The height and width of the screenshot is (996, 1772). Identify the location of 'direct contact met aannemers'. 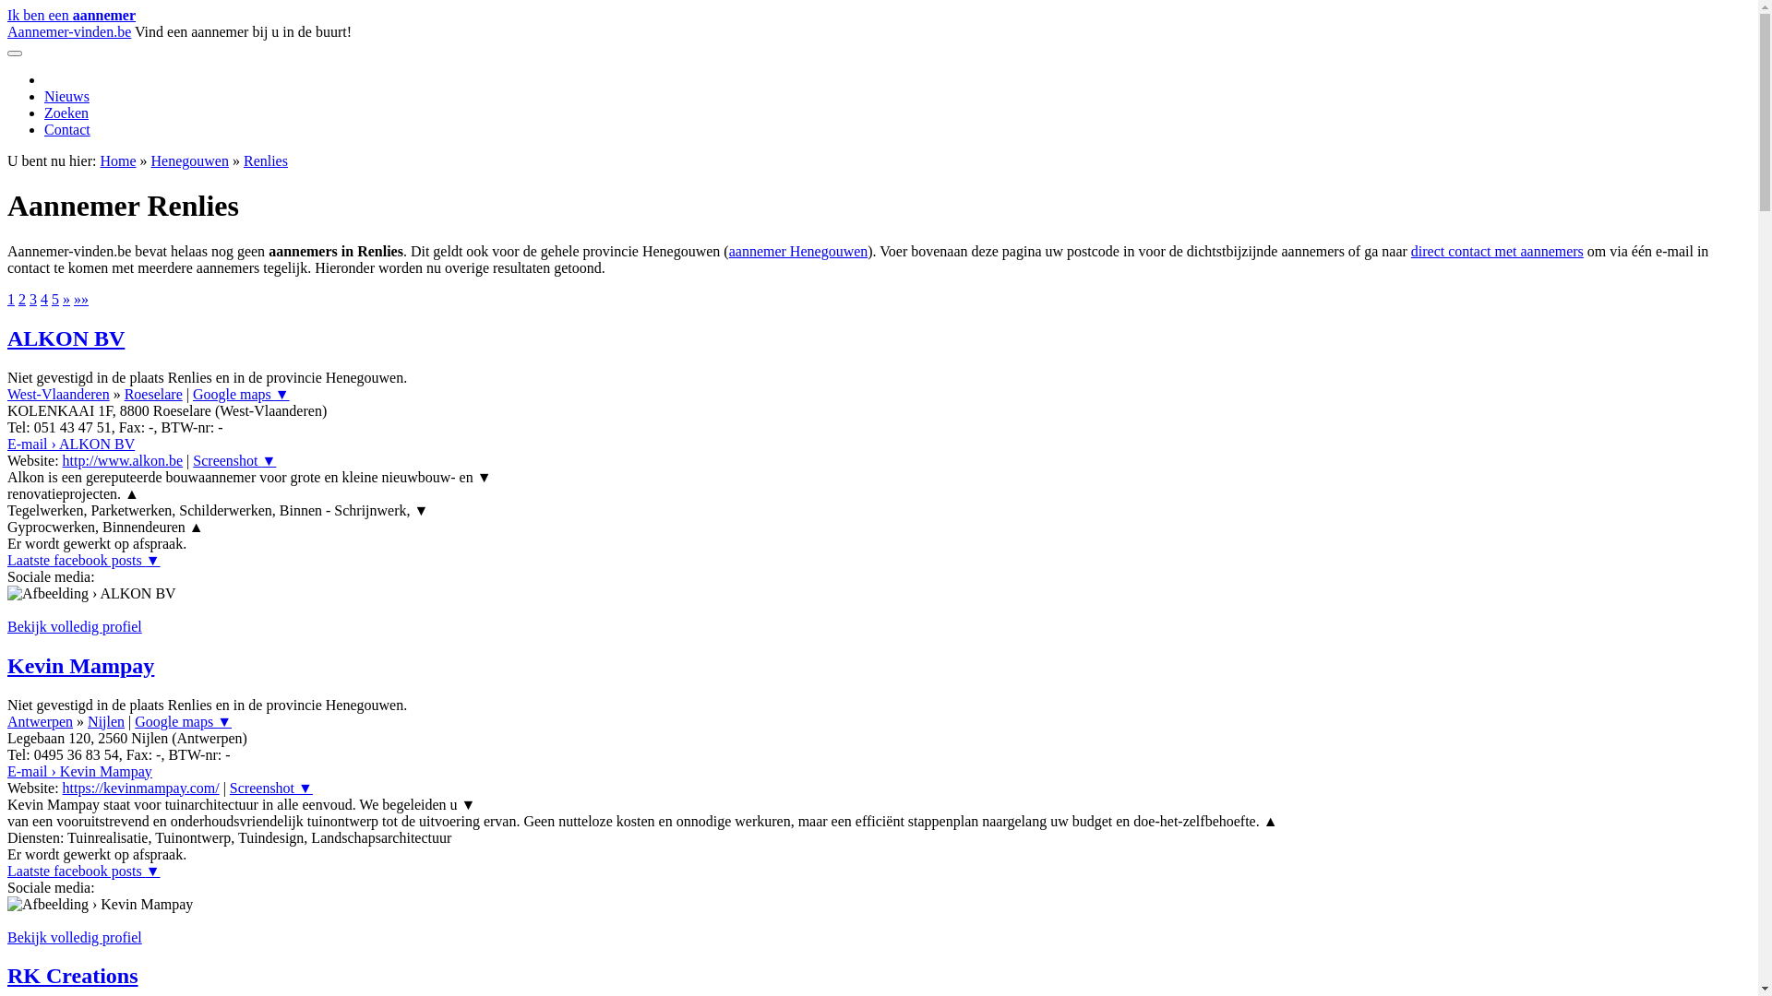
(1497, 251).